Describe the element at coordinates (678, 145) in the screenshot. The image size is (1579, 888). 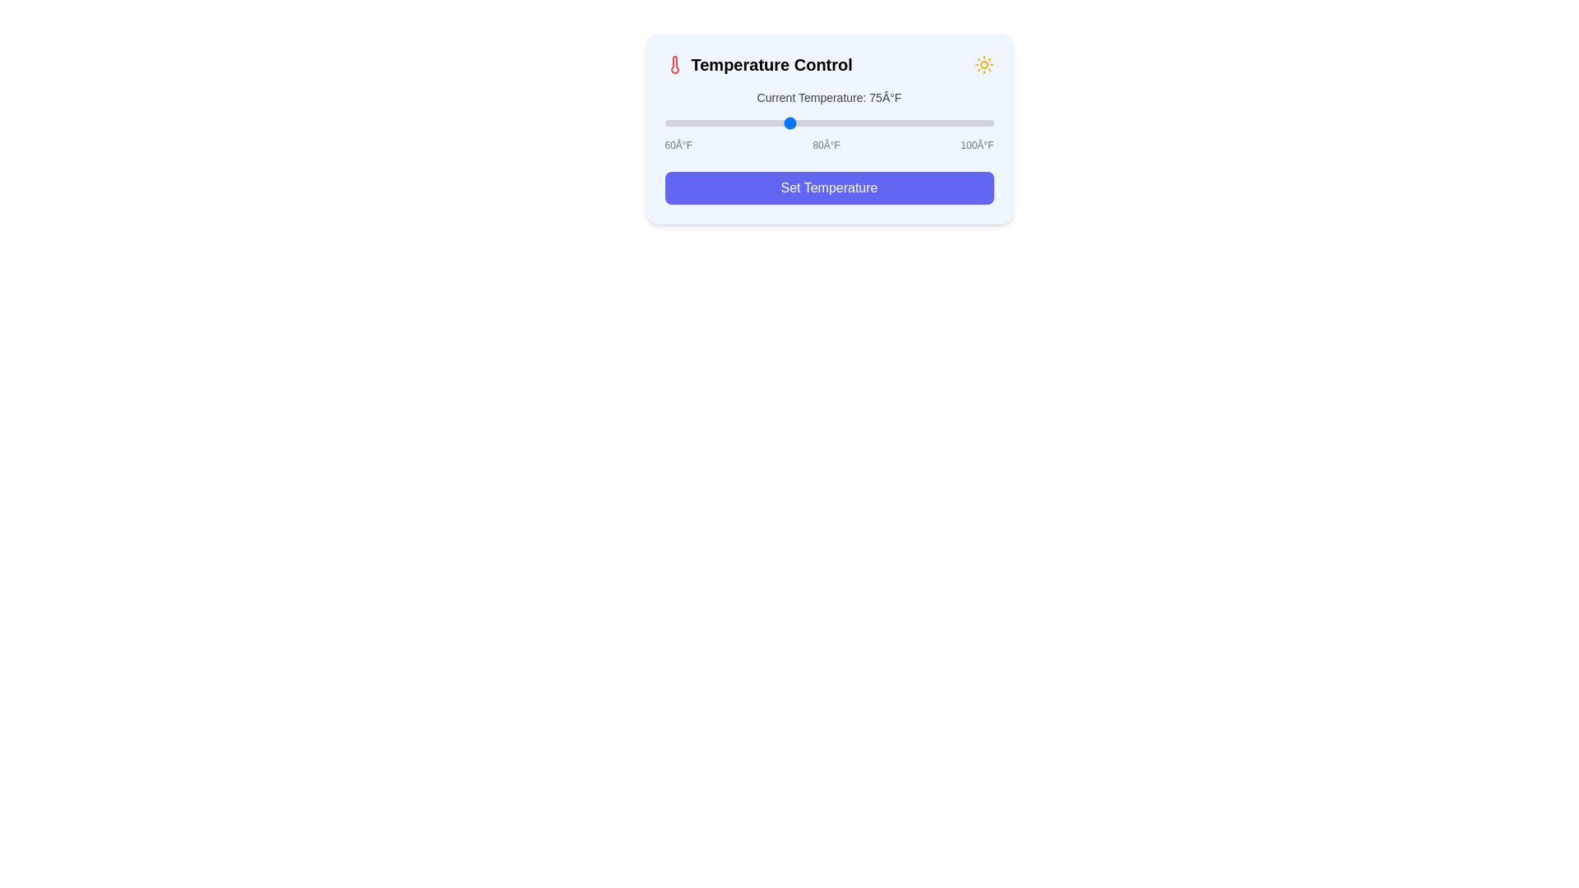
I see `the leftmost temperature label displaying '60°F', which serves as a reference point for the temperature slider` at that location.